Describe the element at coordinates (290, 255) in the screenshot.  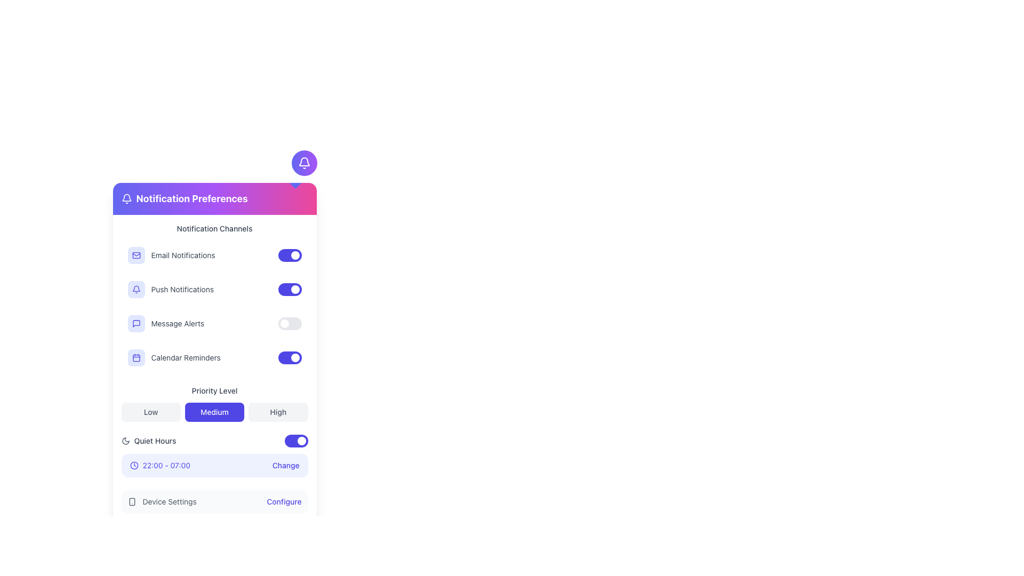
I see `the toggle switch for email notifications located in the 'Notification Channels' section to switch its state` at that location.